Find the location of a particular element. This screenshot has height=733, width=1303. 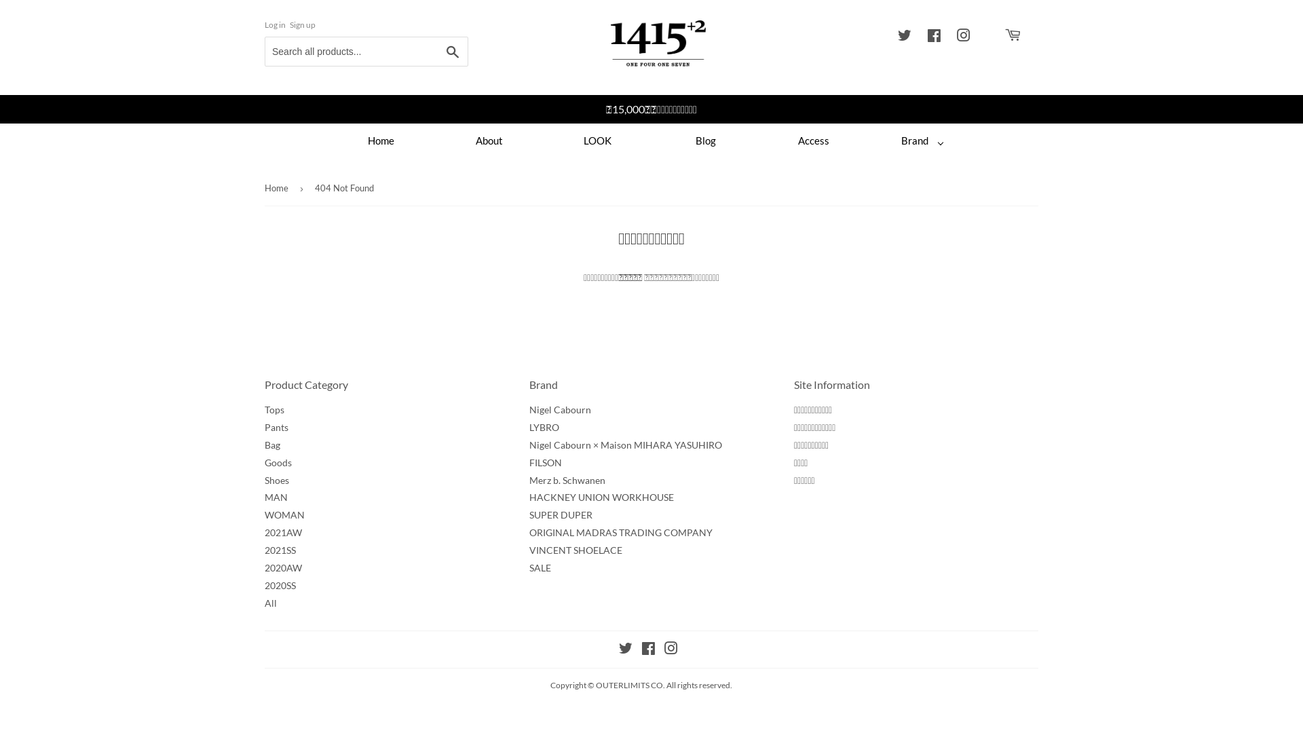

'Tops' is located at coordinates (264, 409).